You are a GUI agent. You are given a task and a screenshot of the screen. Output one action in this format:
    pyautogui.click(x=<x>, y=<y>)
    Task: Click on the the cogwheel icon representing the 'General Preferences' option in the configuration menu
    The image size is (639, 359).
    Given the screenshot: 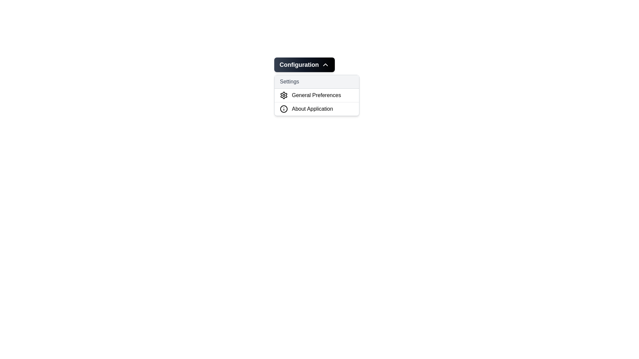 What is the action you would take?
    pyautogui.click(x=284, y=95)
    